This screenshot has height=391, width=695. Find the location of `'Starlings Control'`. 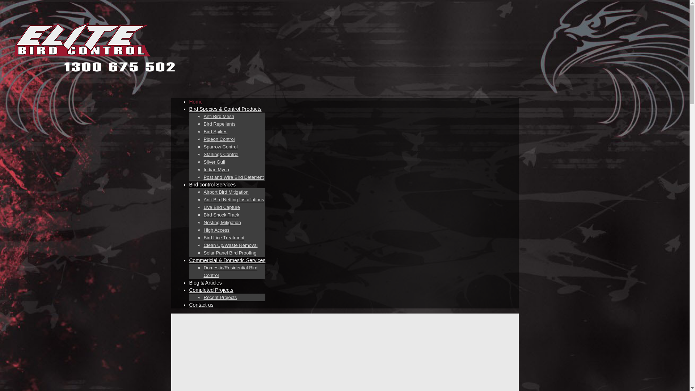

'Starlings Control' is located at coordinates (203, 154).